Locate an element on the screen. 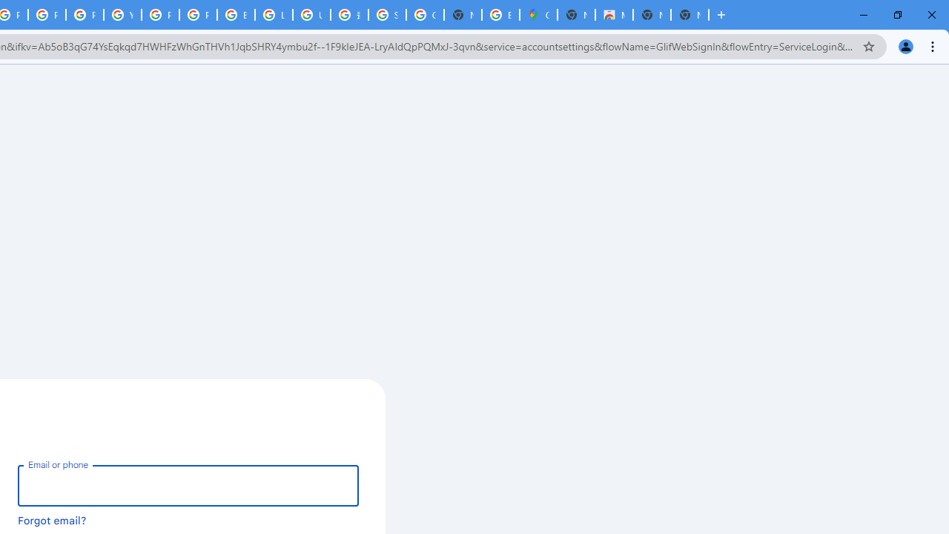 This screenshot has height=534, width=949. 'Google Maps' is located at coordinates (538, 15).